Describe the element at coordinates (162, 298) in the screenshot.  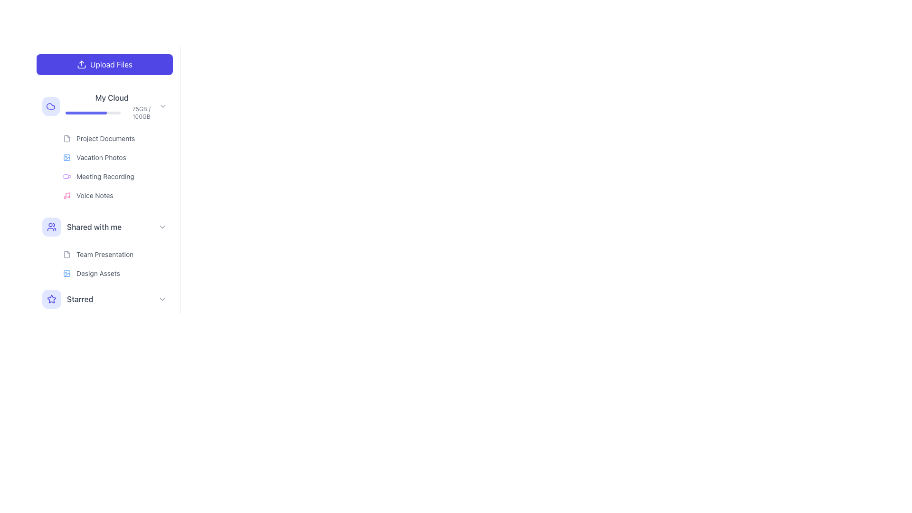
I see `the right-facing arrow icon, which is styled with a thin line design and located near the 'Starred' text` at that location.